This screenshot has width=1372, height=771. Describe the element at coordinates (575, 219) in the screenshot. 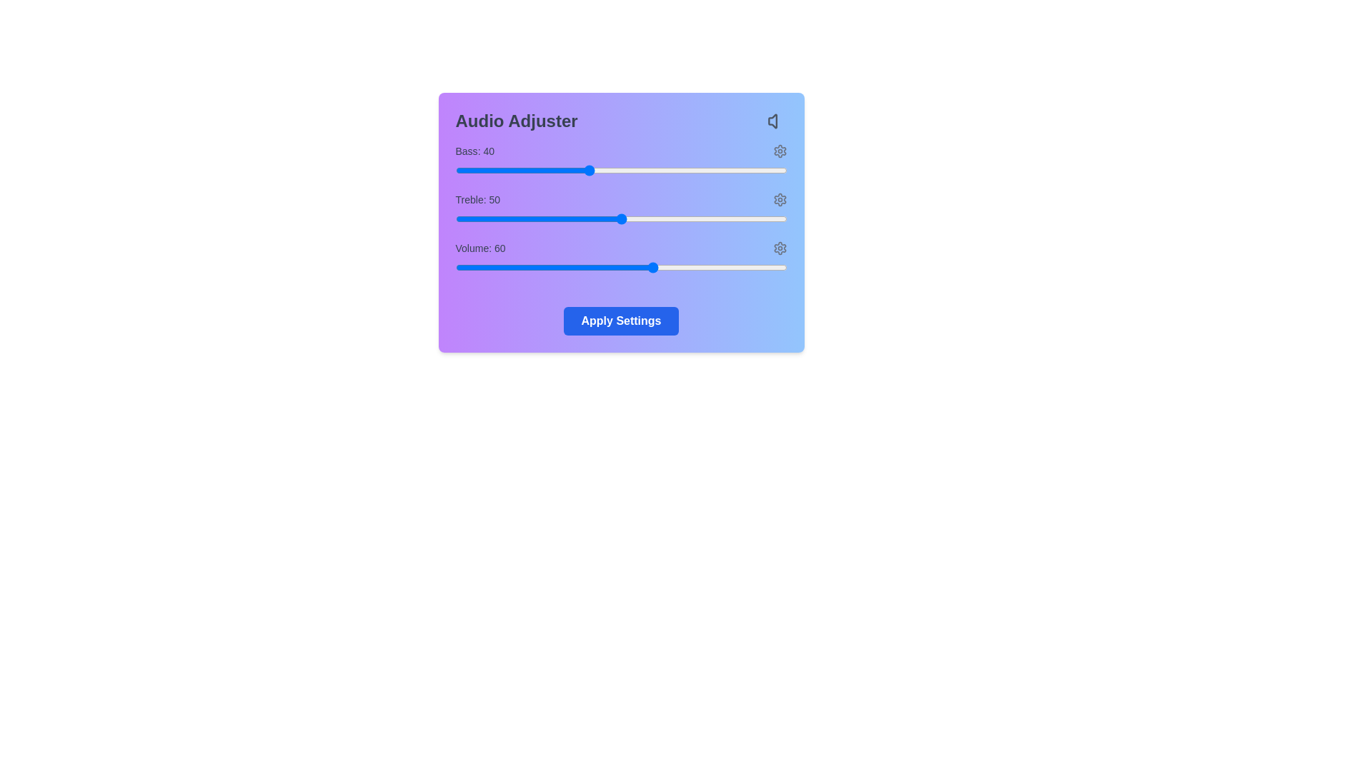

I see `the treble level` at that location.